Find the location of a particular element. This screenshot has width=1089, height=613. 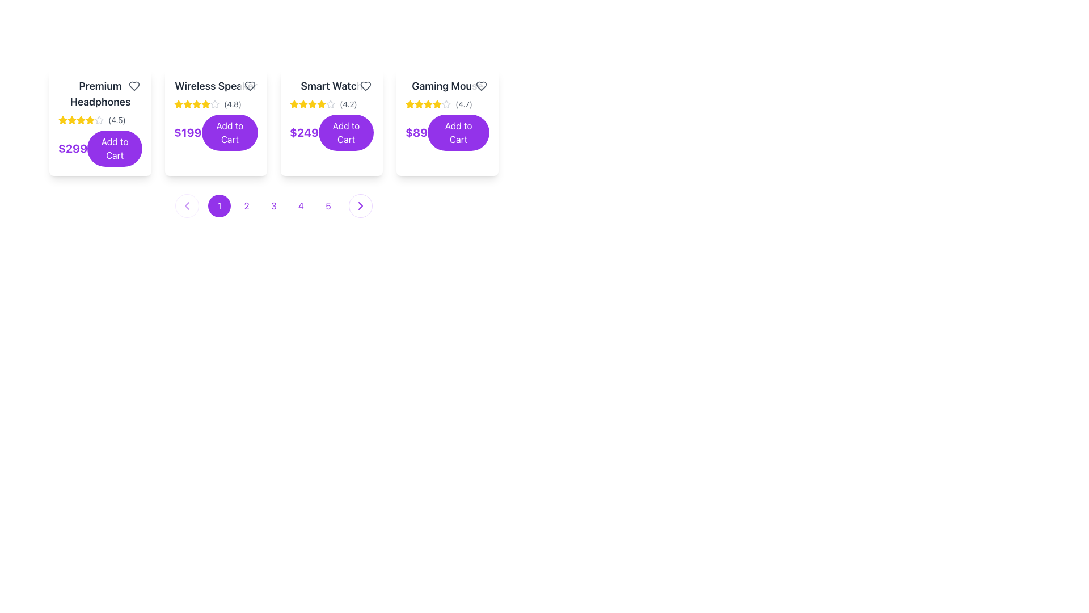

the third star icon in the five-star rating bar for the 'Gaming Mouse' product card, which is colored yellow and is positioned adjacent to a rating value of '4.7' is located at coordinates (410, 104).